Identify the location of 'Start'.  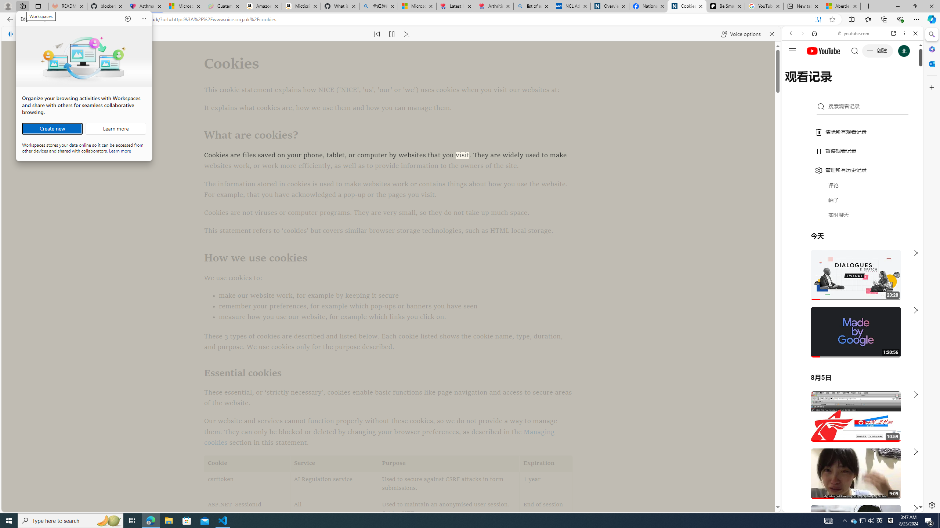
(9, 520).